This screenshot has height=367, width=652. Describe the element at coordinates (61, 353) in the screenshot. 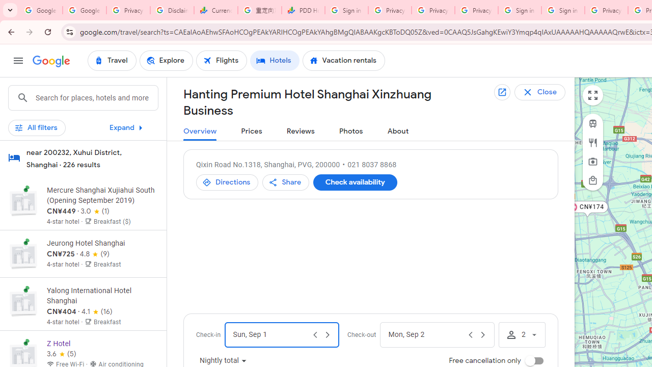

I see `'3.6 out of 5 stars from 5 reviews'` at that location.